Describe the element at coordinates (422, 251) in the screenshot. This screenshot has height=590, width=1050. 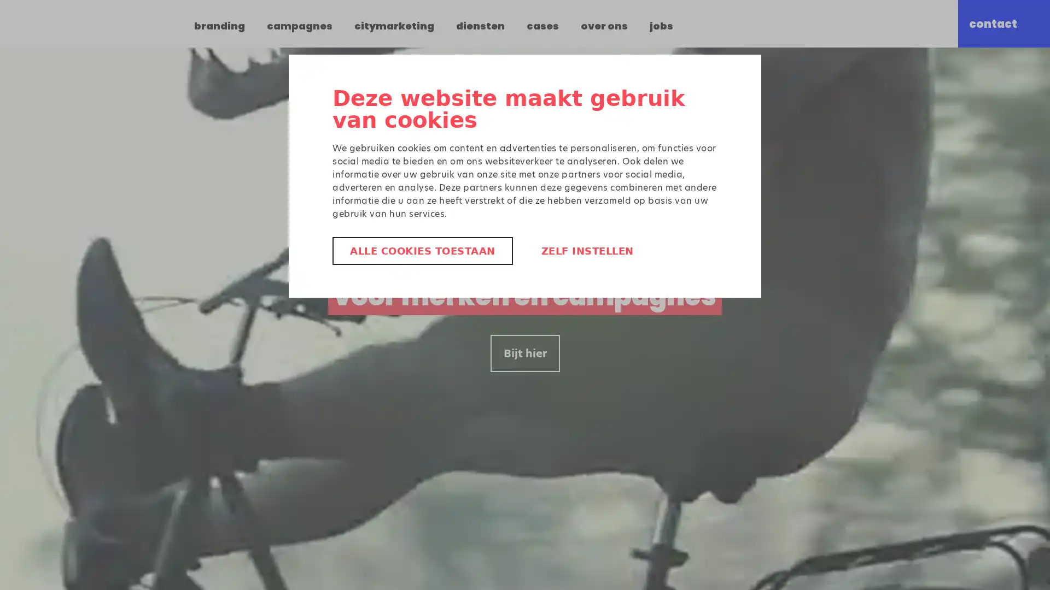
I see `ALLE COOKIES TOESTAAN` at that location.